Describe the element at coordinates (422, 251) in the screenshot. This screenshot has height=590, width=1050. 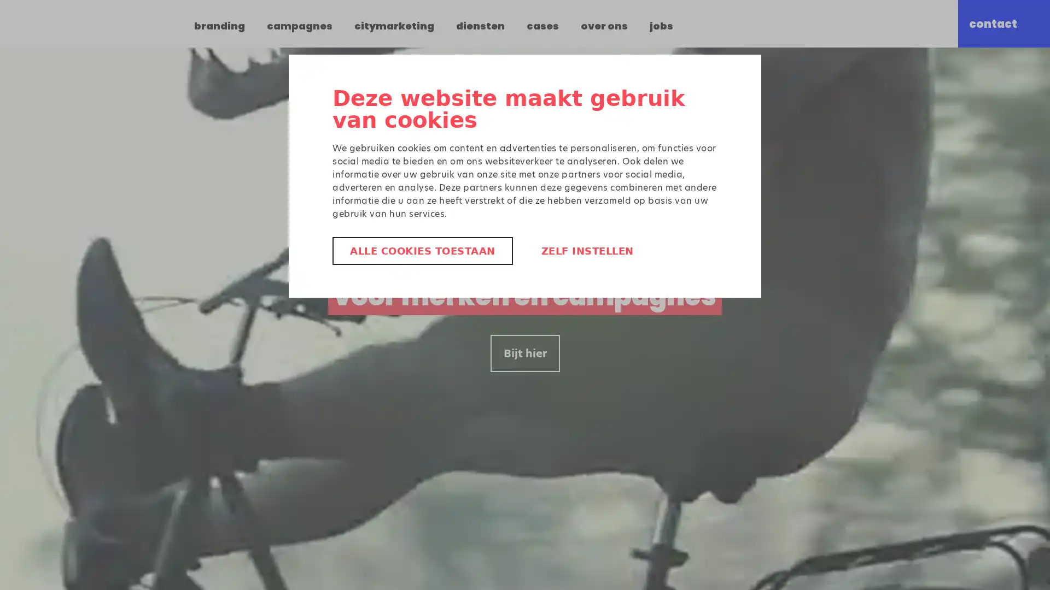
I see `ALLE COOKIES TOESTAAN` at that location.